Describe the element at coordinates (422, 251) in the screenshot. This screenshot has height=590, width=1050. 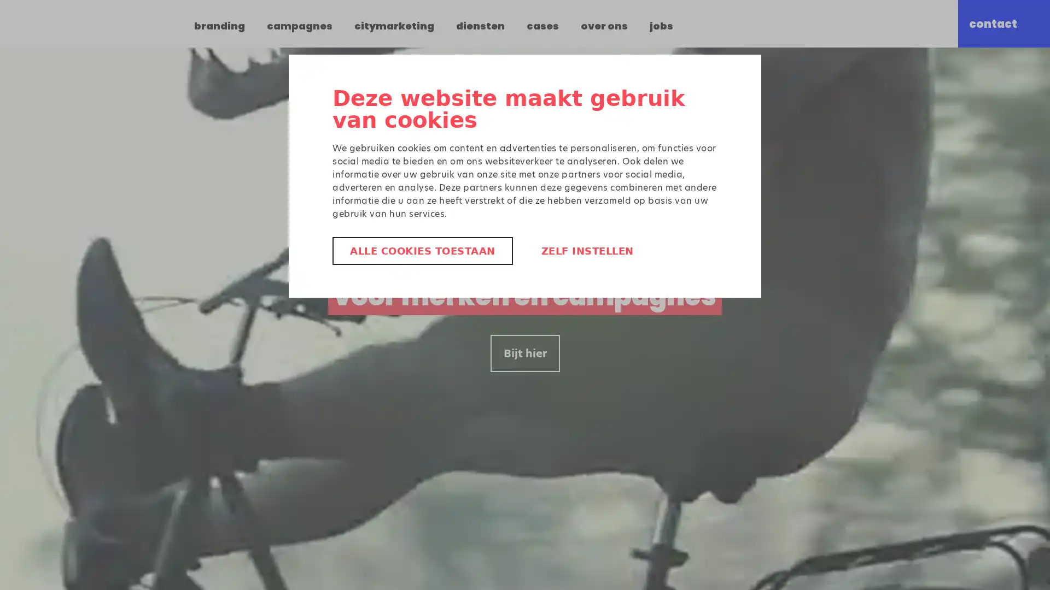
I see `ALLE COOKIES TOESTAAN` at that location.